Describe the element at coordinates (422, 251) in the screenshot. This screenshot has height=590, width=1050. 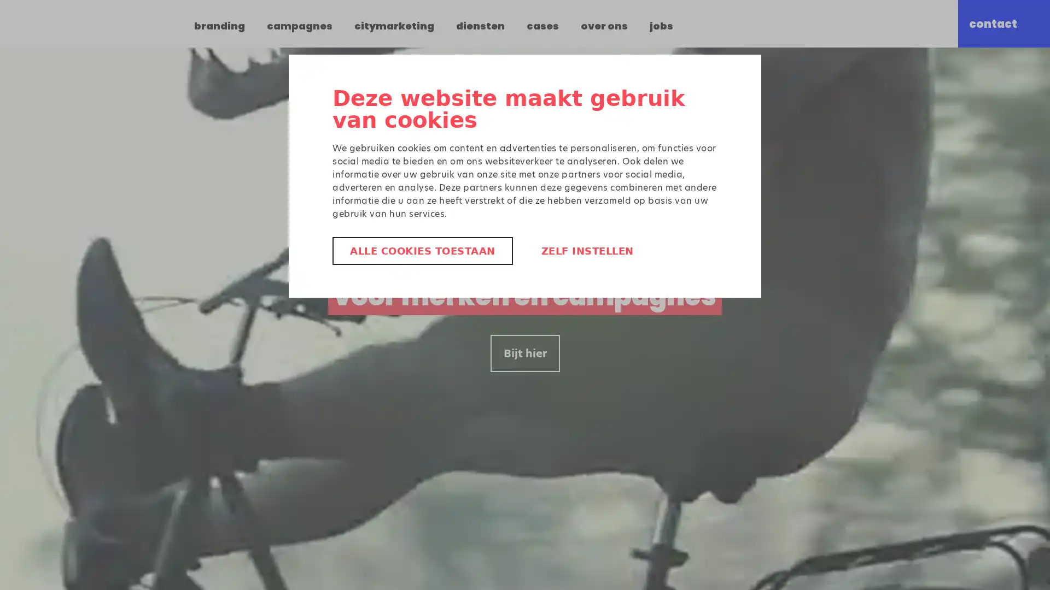
I see `ALLE COOKIES TOESTAAN` at that location.